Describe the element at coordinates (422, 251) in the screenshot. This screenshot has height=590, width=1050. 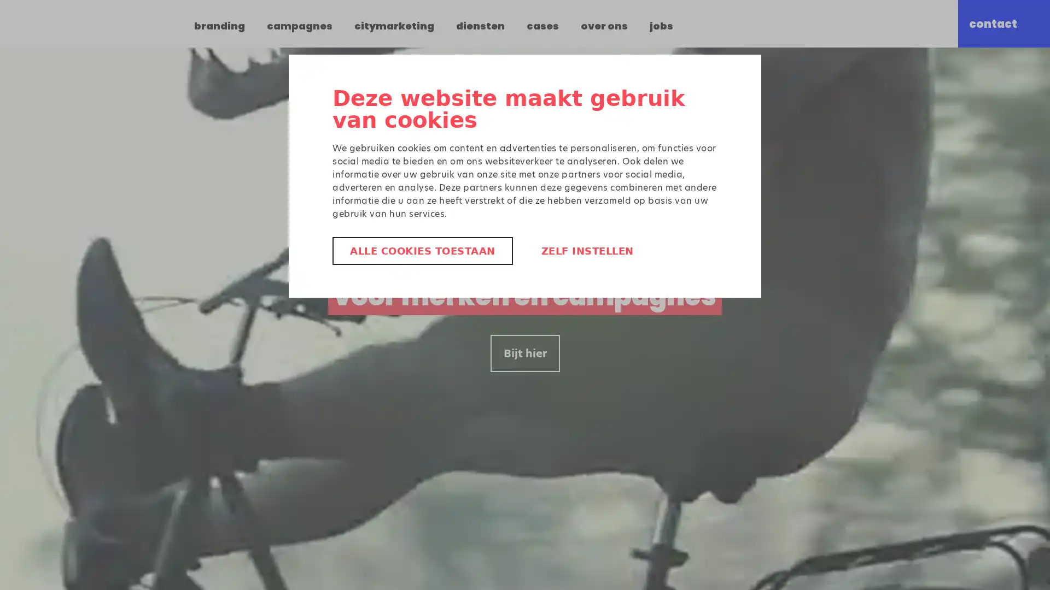
I see `ALLE COOKIES TOESTAAN` at that location.